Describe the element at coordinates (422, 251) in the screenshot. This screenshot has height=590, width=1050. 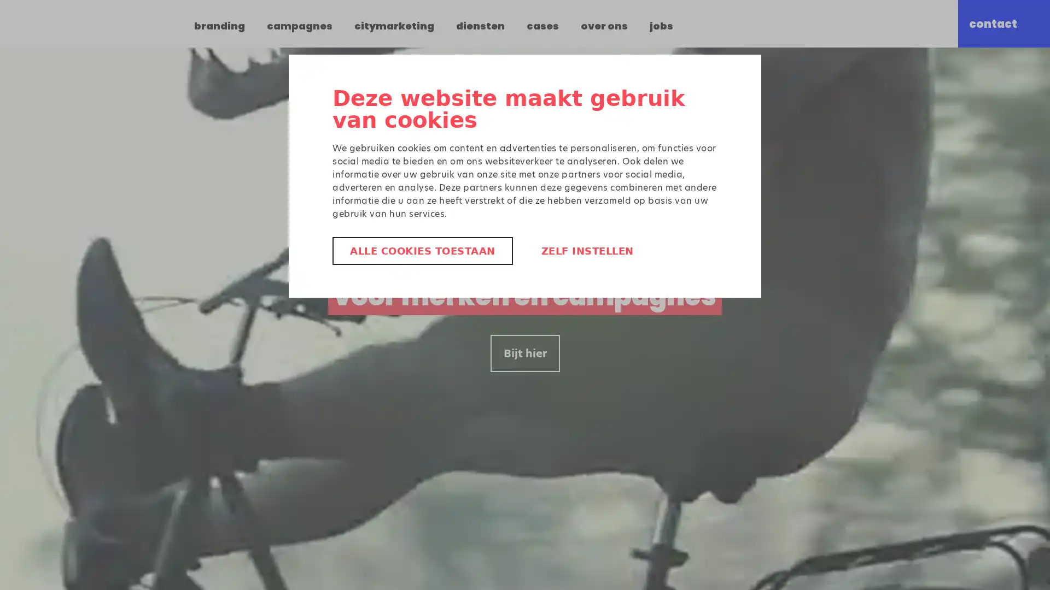
I see `ALLE COOKIES TOESTAAN` at that location.